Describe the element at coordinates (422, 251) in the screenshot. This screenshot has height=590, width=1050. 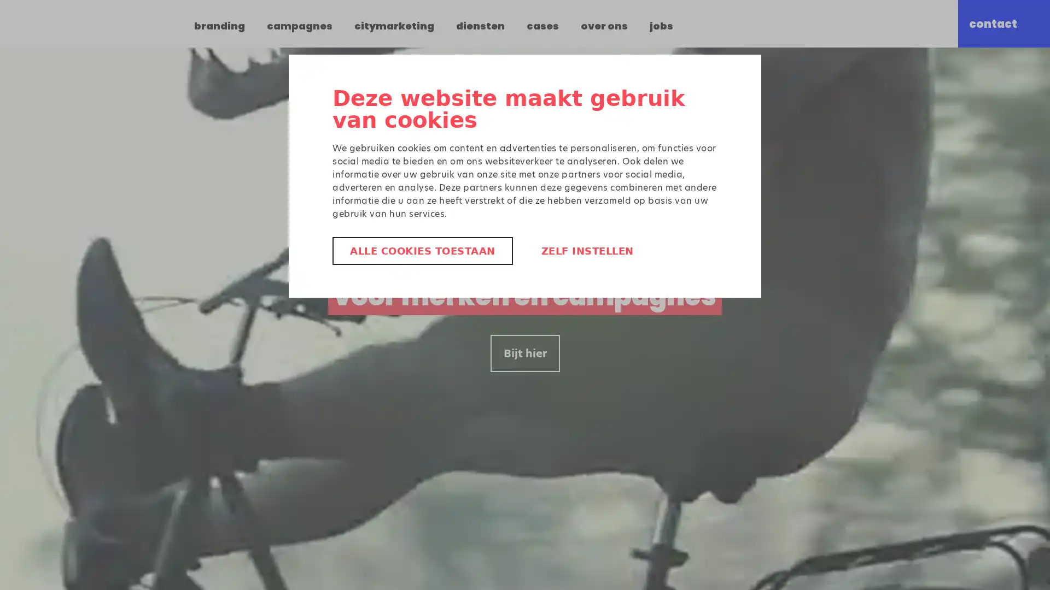
I see `ALLE COOKIES TOESTAAN` at that location.